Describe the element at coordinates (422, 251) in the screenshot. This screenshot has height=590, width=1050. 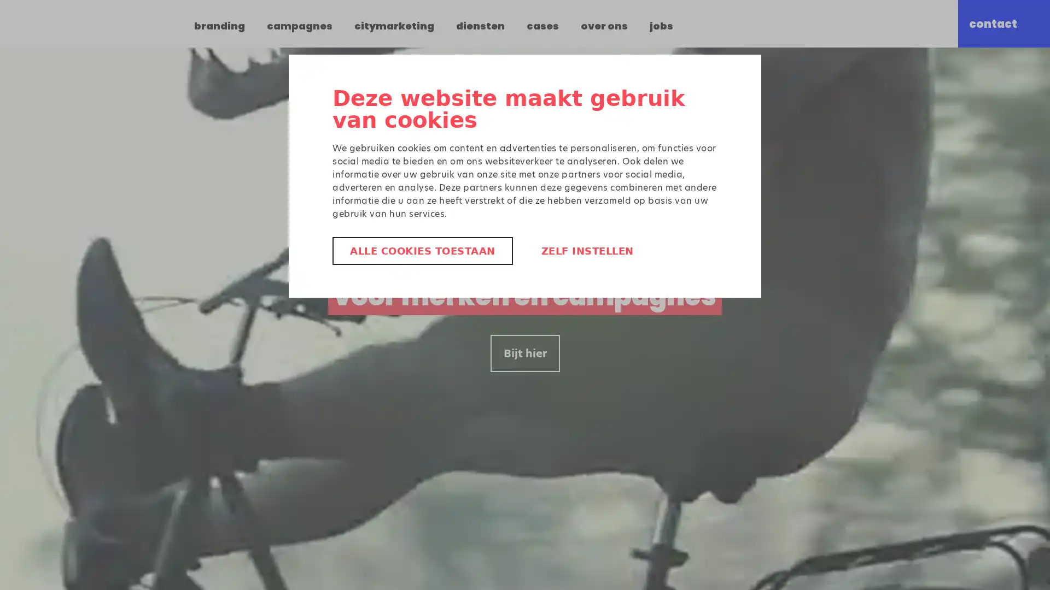
I see `ALLE COOKIES TOESTAAN` at that location.